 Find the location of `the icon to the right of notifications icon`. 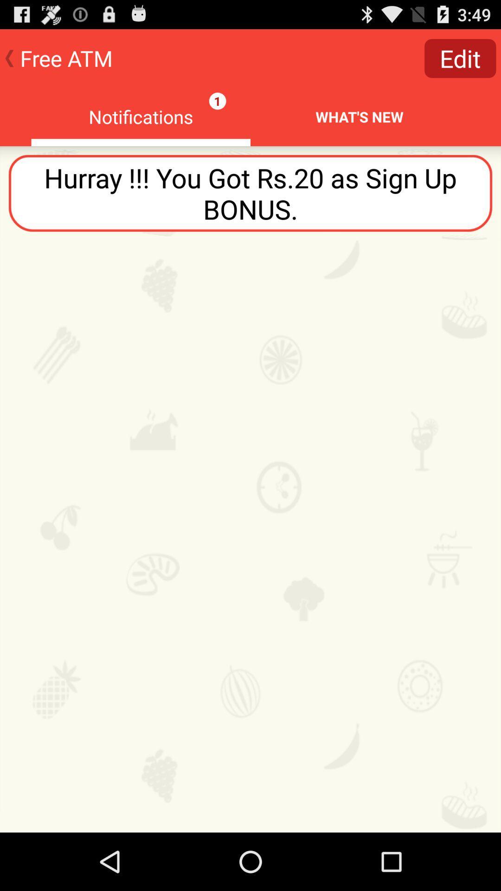

the icon to the right of notifications icon is located at coordinates (460, 58).